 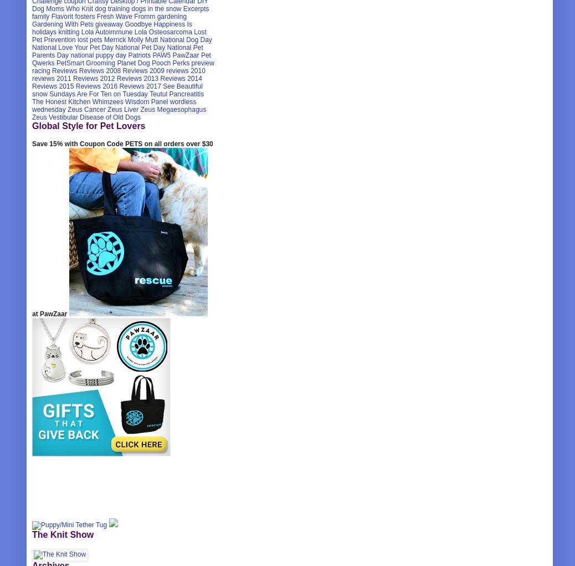 What do you see at coordinates (62, 24) in the screenshot?
I see `'Gardening With Pets'` at bounding box center [62, 24].